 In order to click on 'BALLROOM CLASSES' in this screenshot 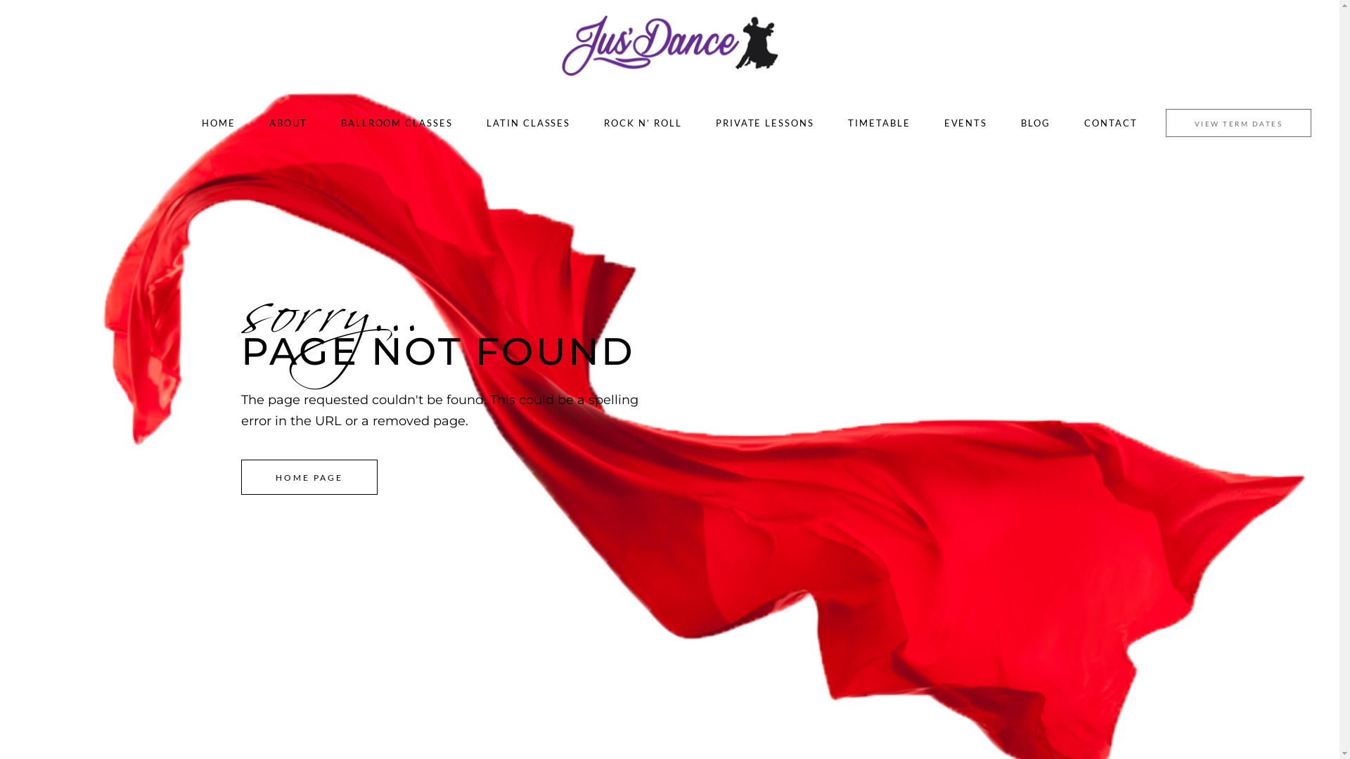, I will do `click(396, 122)`.